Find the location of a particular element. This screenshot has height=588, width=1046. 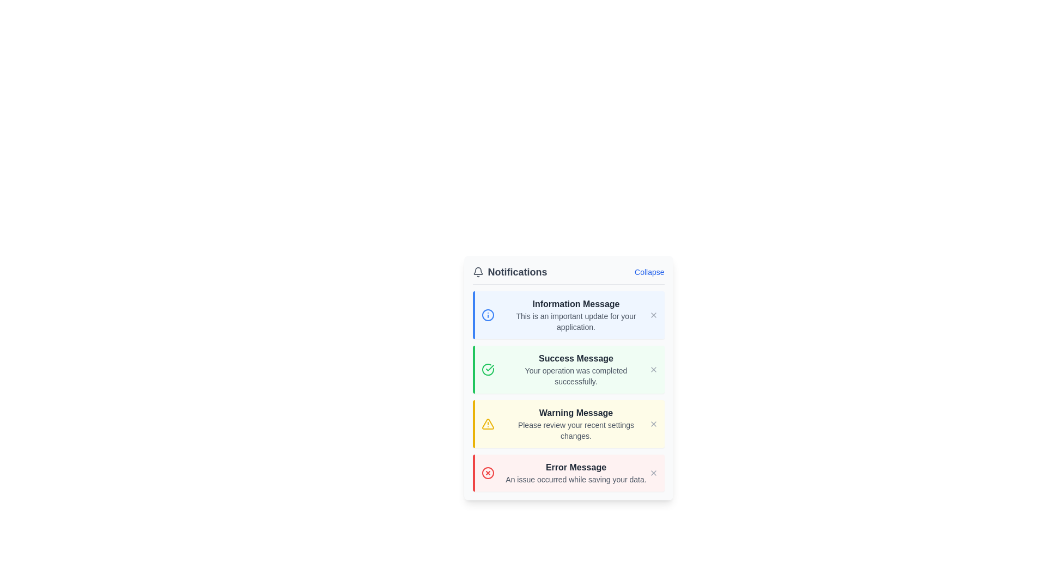

the success status icon located to the left of the text 'Your operation was completed successfully' within the green success message box is located at coordinates (489, 367).